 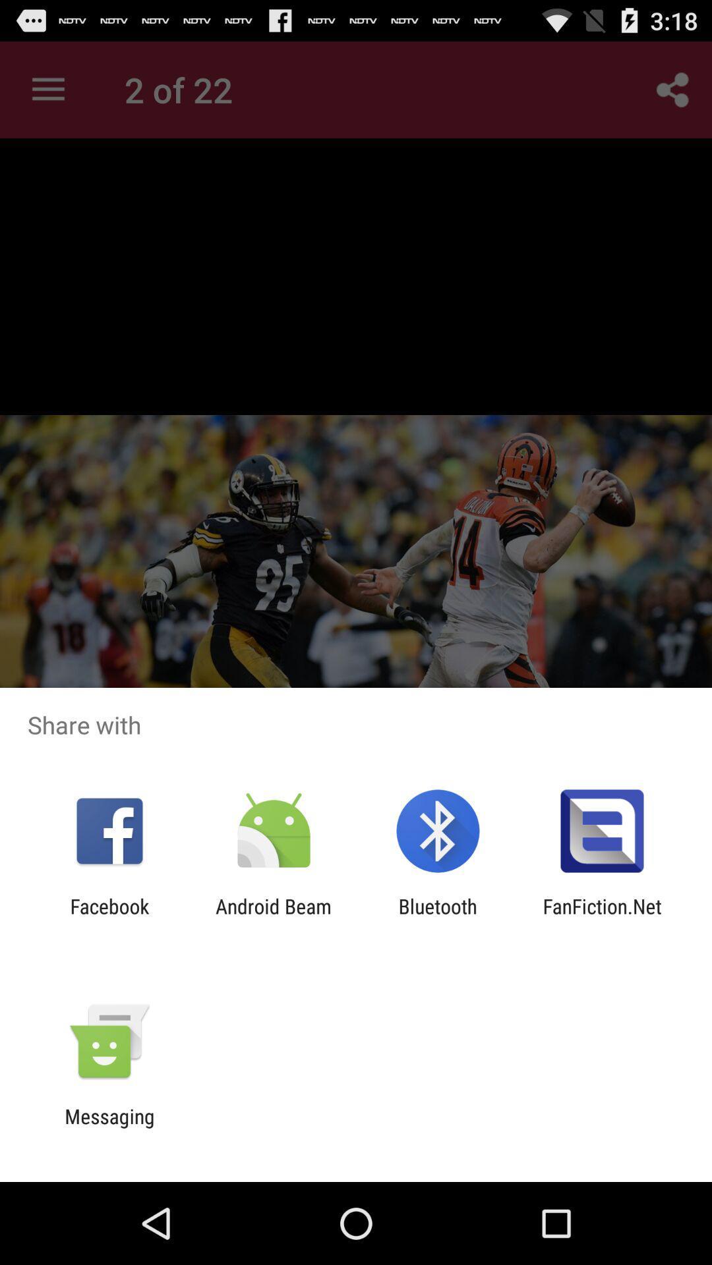 I want to click on the item to the left of the bluetooth icon, so click(x=273, y=917).